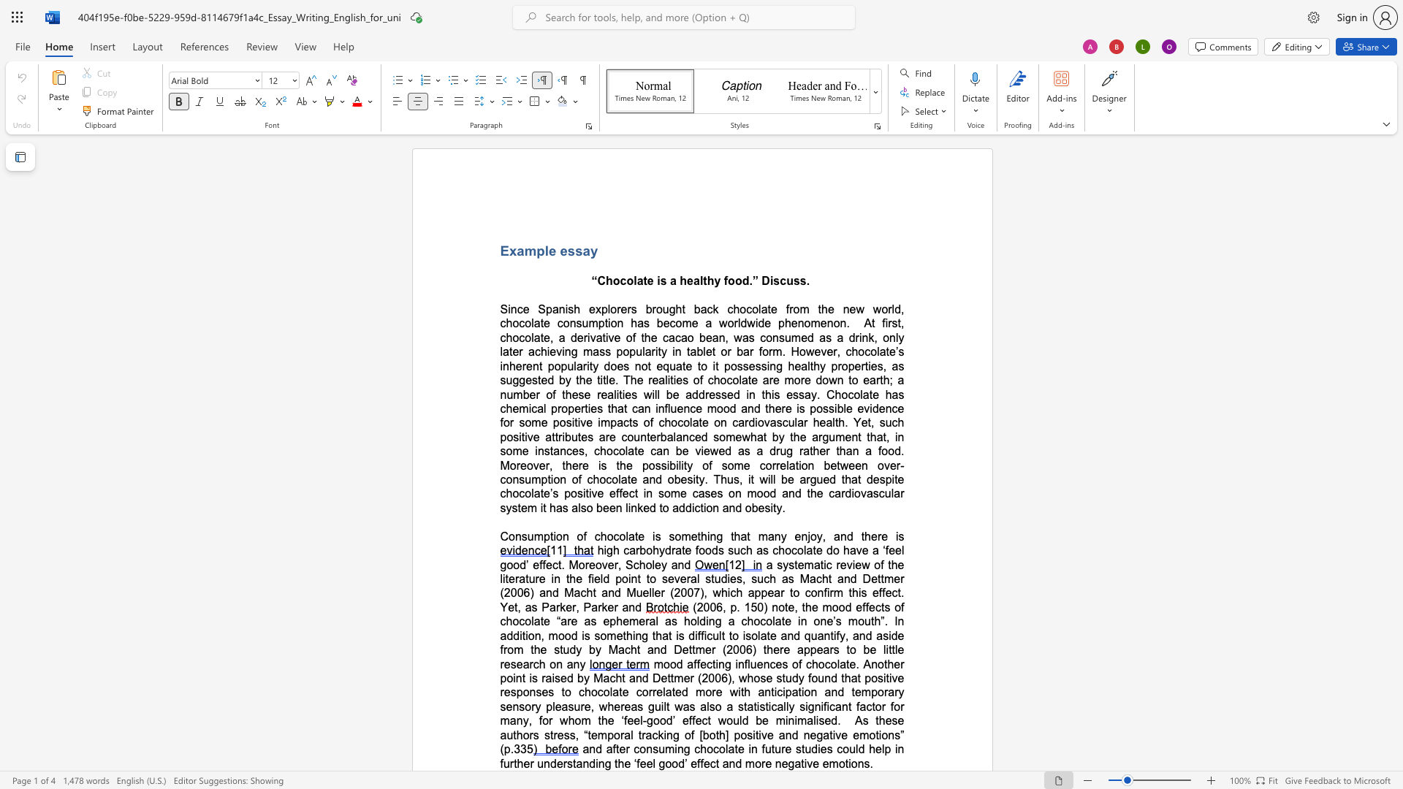 Image resolution: width=1403 pixels, height=789 pixels. Describe the element at coordinates (823, 592) in the screenshot. I see `the space between the continuous character "n" and "f" in the text` at that location.